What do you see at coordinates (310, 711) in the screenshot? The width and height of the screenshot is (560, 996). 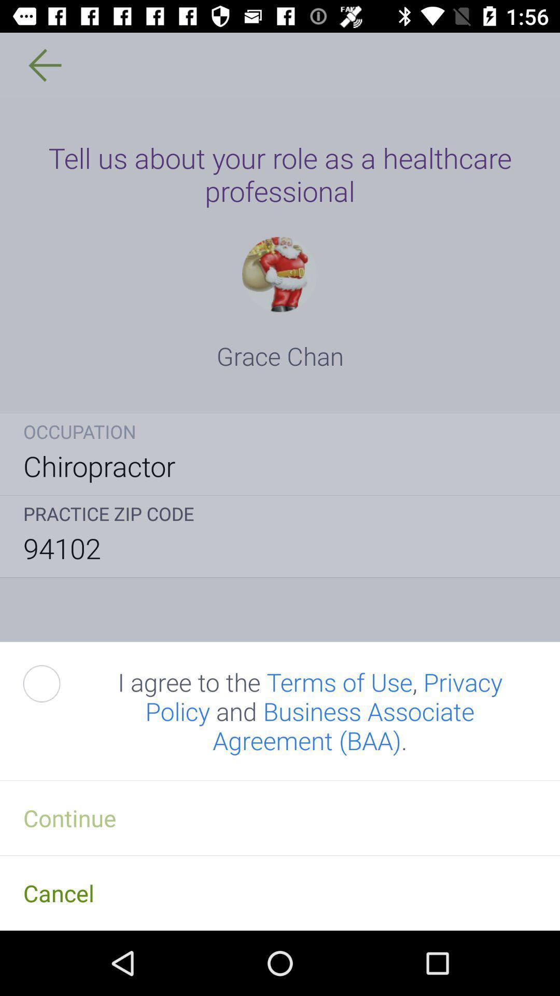 I see `i agree to` at bounding box center [310, 711].